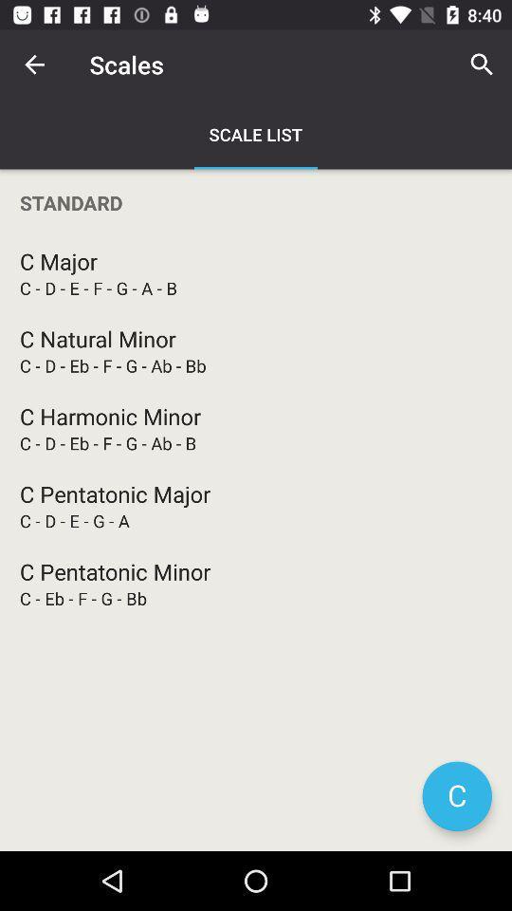 Image resolution: width=512 pixels, height=911 pixels. I want to click on item to the left of the scales item, so click(34, 65).